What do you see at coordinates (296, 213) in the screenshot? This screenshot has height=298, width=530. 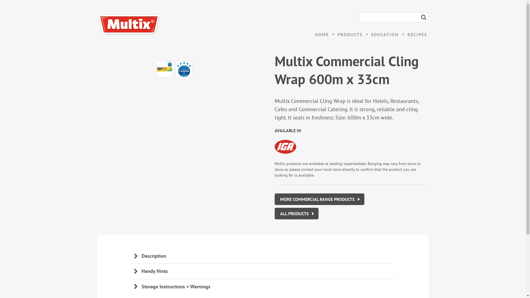 I see `'ALL PRODUCTS'` at bounding box center [296, 213].